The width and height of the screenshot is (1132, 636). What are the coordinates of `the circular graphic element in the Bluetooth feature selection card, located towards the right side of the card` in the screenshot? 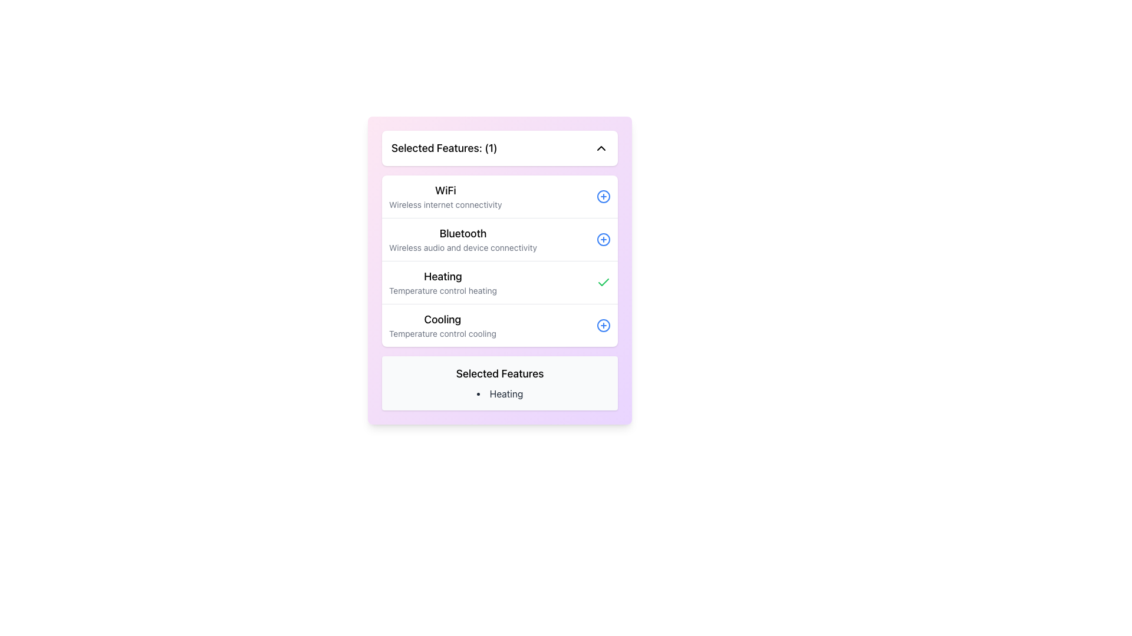 It's located at (603, 239).